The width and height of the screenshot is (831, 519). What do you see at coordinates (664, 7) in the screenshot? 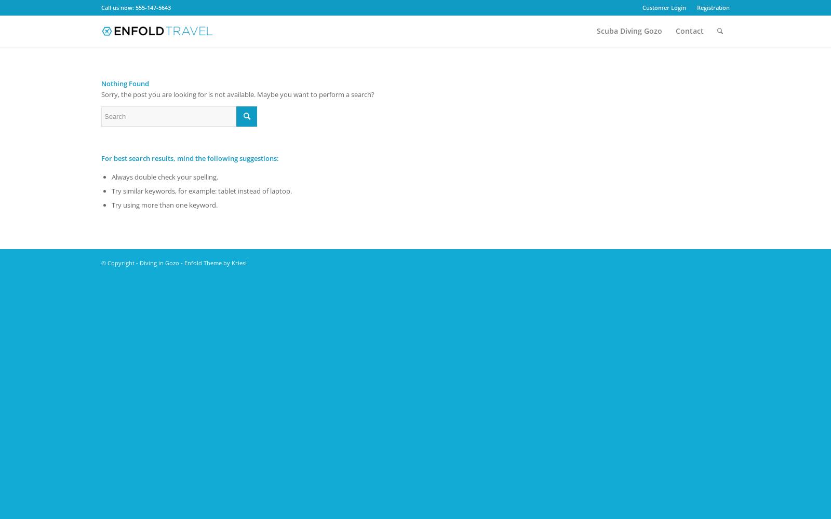
I see `'Customer Login'` at bounding box center [664, 7].